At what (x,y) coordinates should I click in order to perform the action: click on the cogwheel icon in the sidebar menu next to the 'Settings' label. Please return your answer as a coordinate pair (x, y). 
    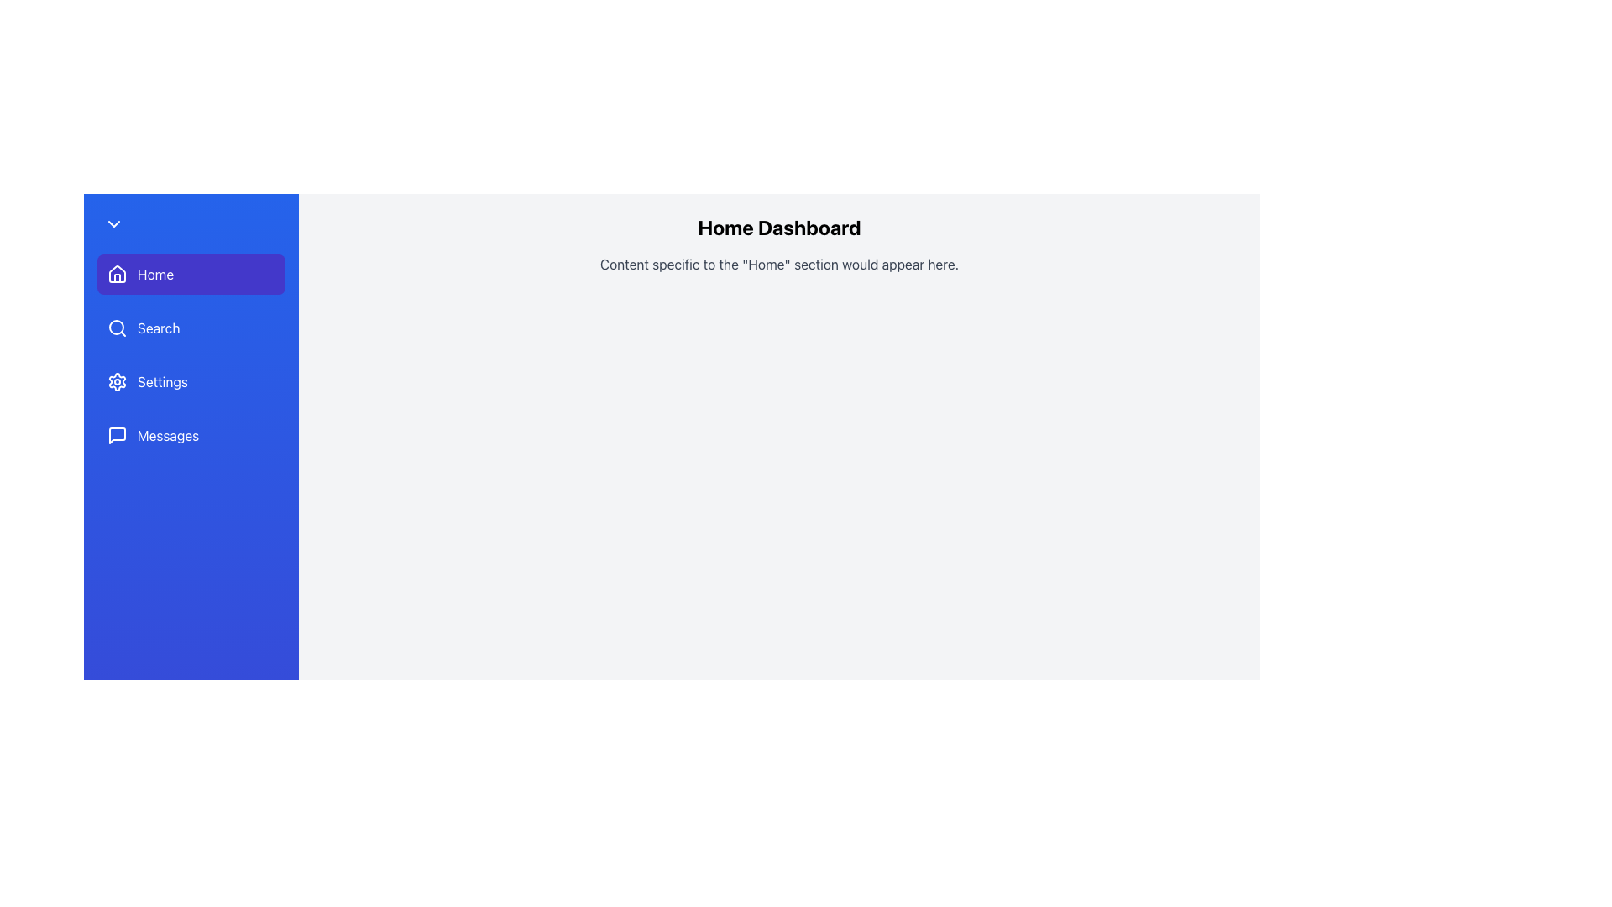
    Looking at the image, I should click on (116, 382).